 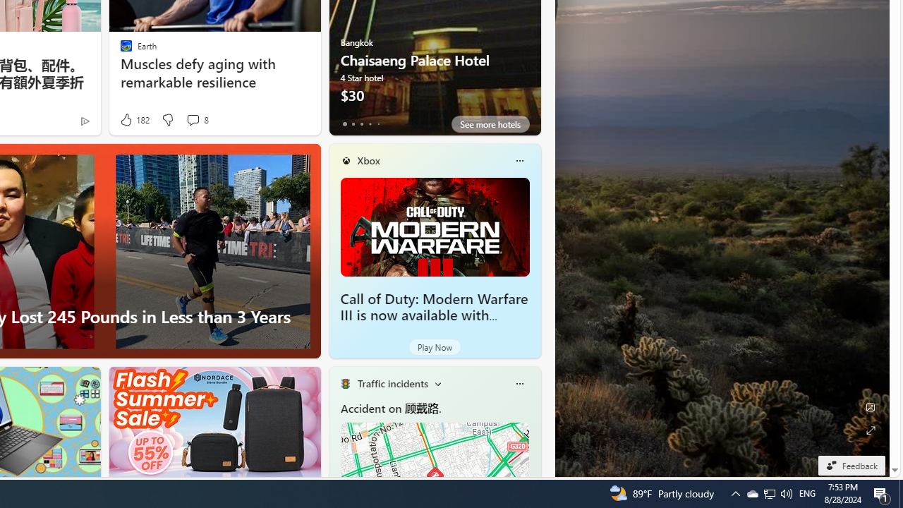 What do you see at coordinates (437, 383) in the screenshot?
I see `'Change scenarios'` at bounding box center [437, 383].